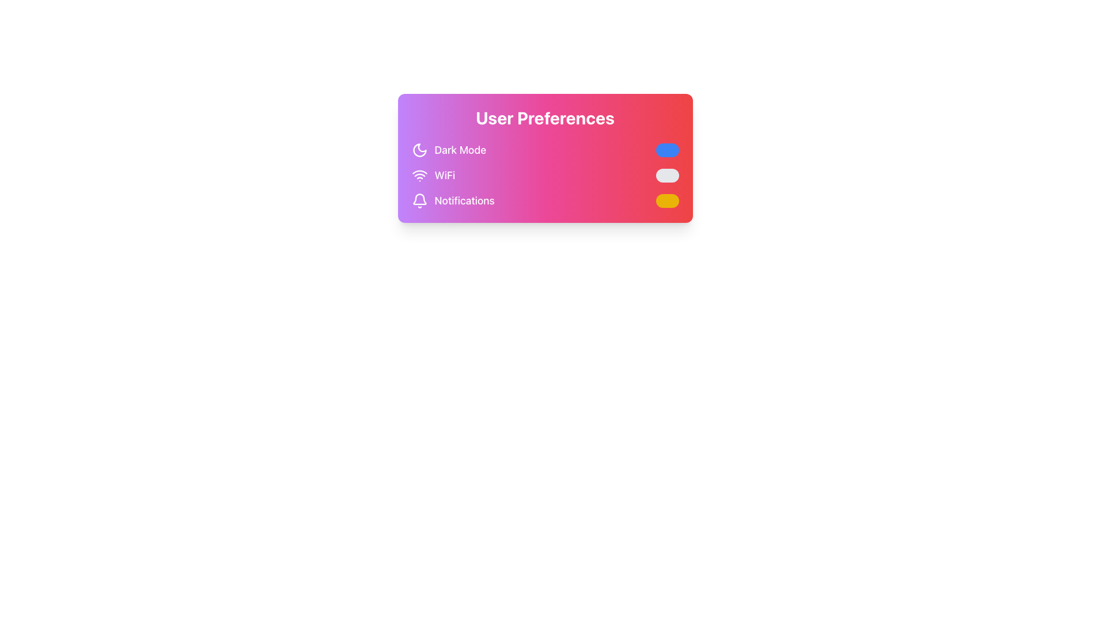 The width and height of the screenshot is (1106, 622). Describe the element at coordinates (444, 175) in the screenshot. I see `the Text label indicating the WiFi option in the User Preferences section, which is positioned next to the WiFi icon and is located below the 'Dark Mode' setting and above the 'Notifications' setting` at that location.